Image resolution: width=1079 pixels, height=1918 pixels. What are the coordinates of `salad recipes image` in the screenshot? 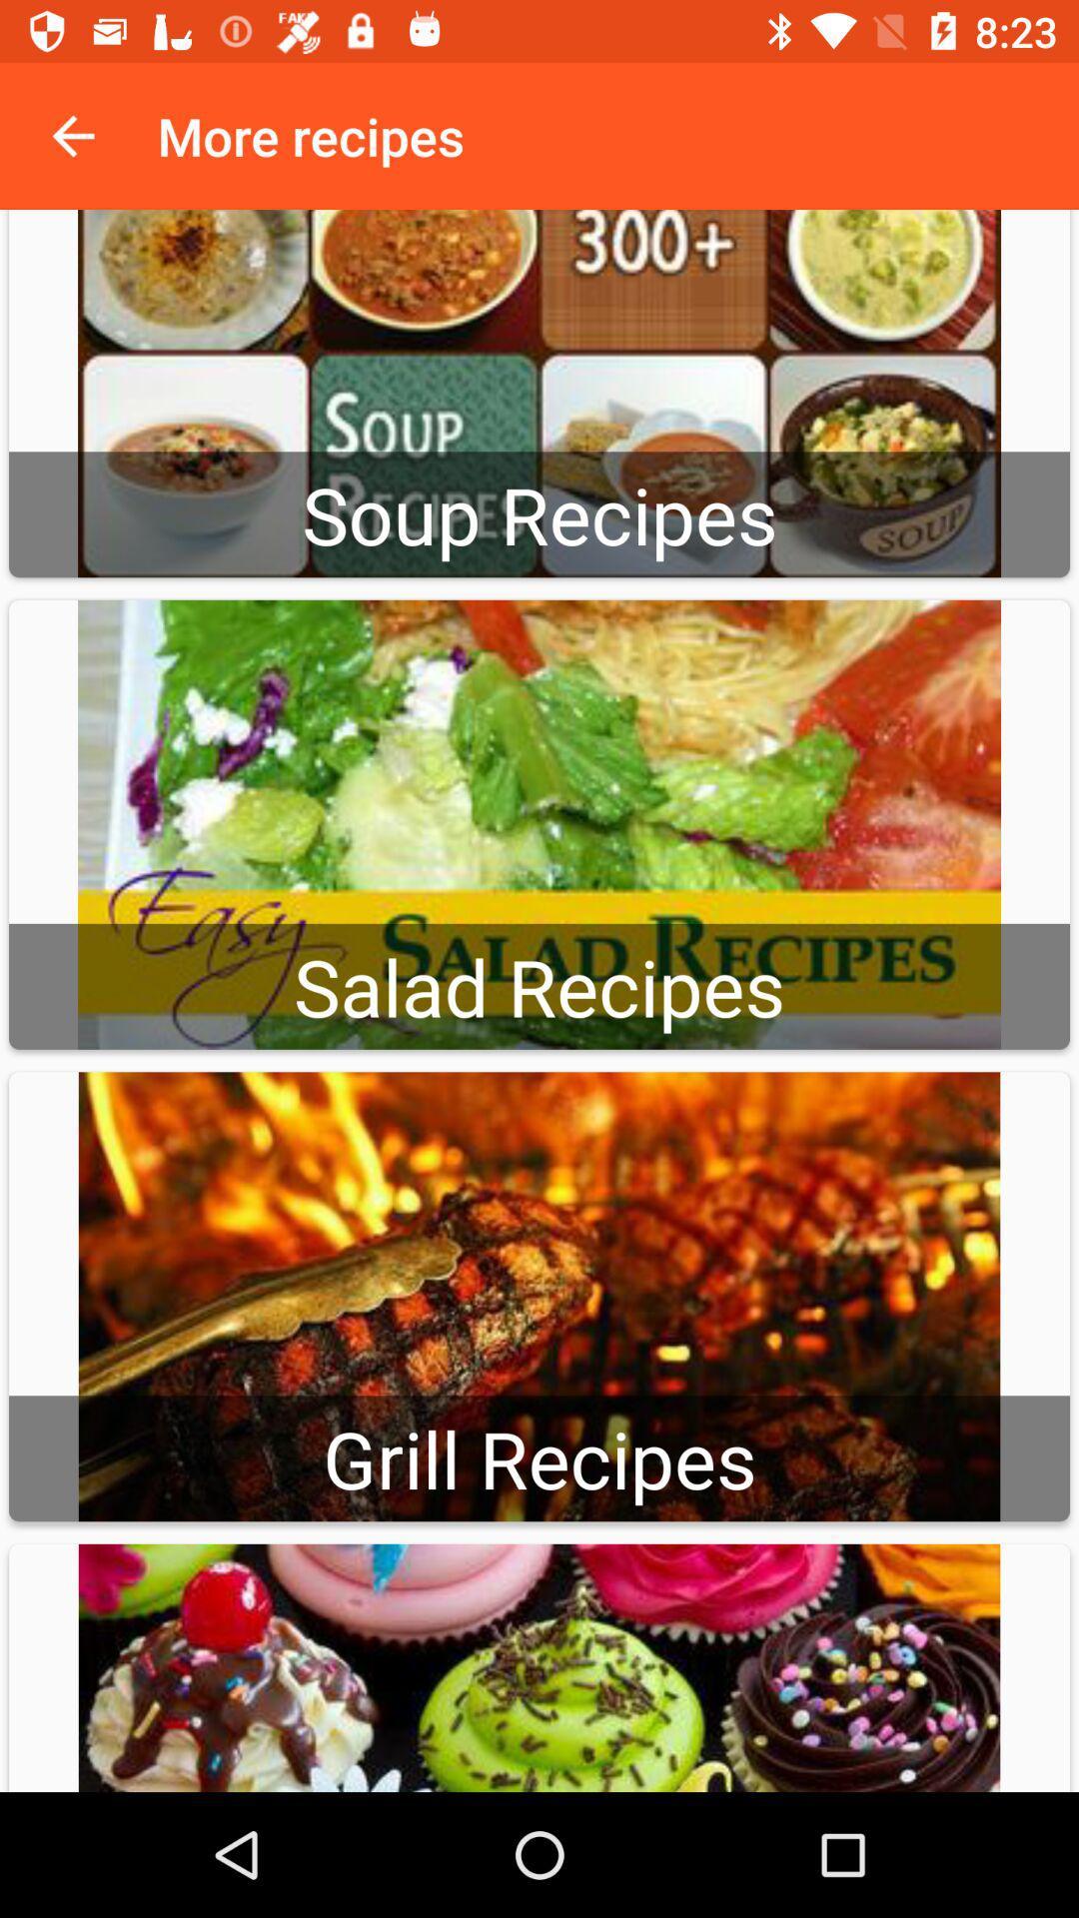 It's located at (539, 824).